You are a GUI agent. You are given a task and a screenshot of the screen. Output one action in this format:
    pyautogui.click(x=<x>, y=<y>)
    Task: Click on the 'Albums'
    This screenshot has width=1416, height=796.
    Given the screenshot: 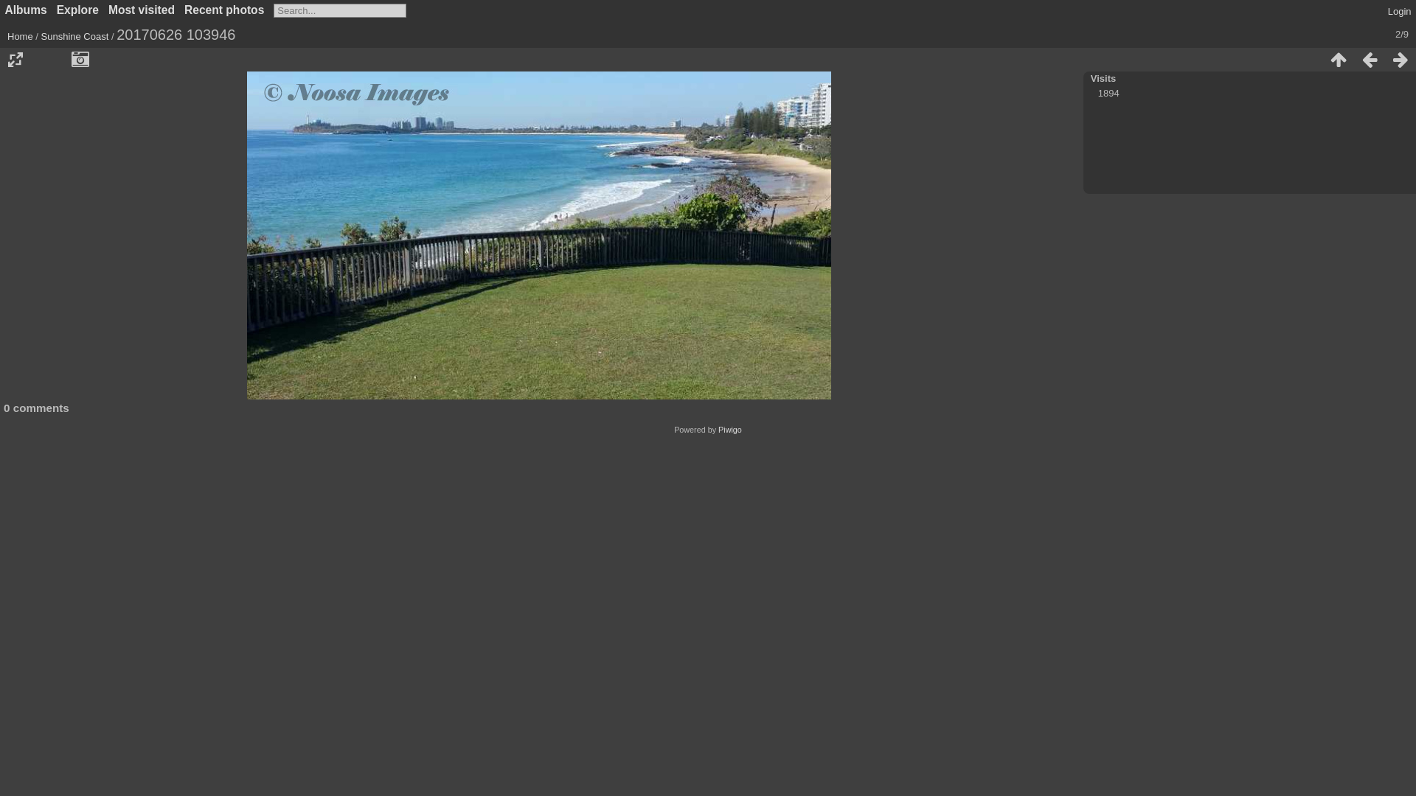 What is the action you would take?
    pyautogui.click(x=25, y=10)
    